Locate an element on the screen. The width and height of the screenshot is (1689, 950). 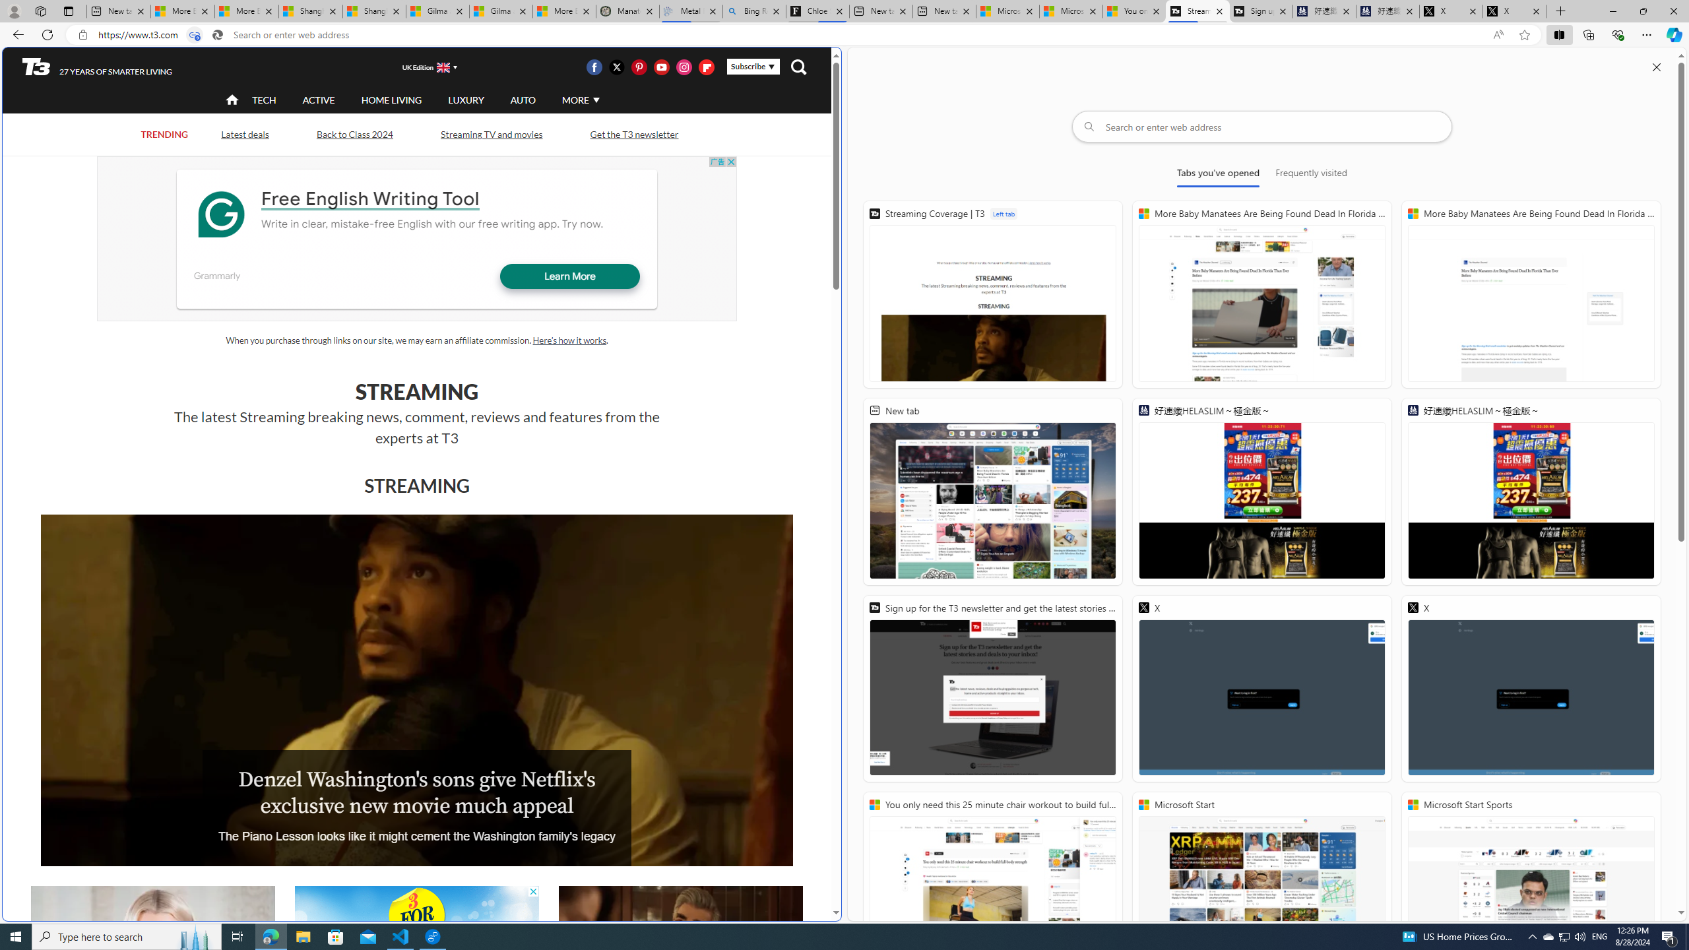
'Chloe Sorvino' is located at coordinates (817, 11).